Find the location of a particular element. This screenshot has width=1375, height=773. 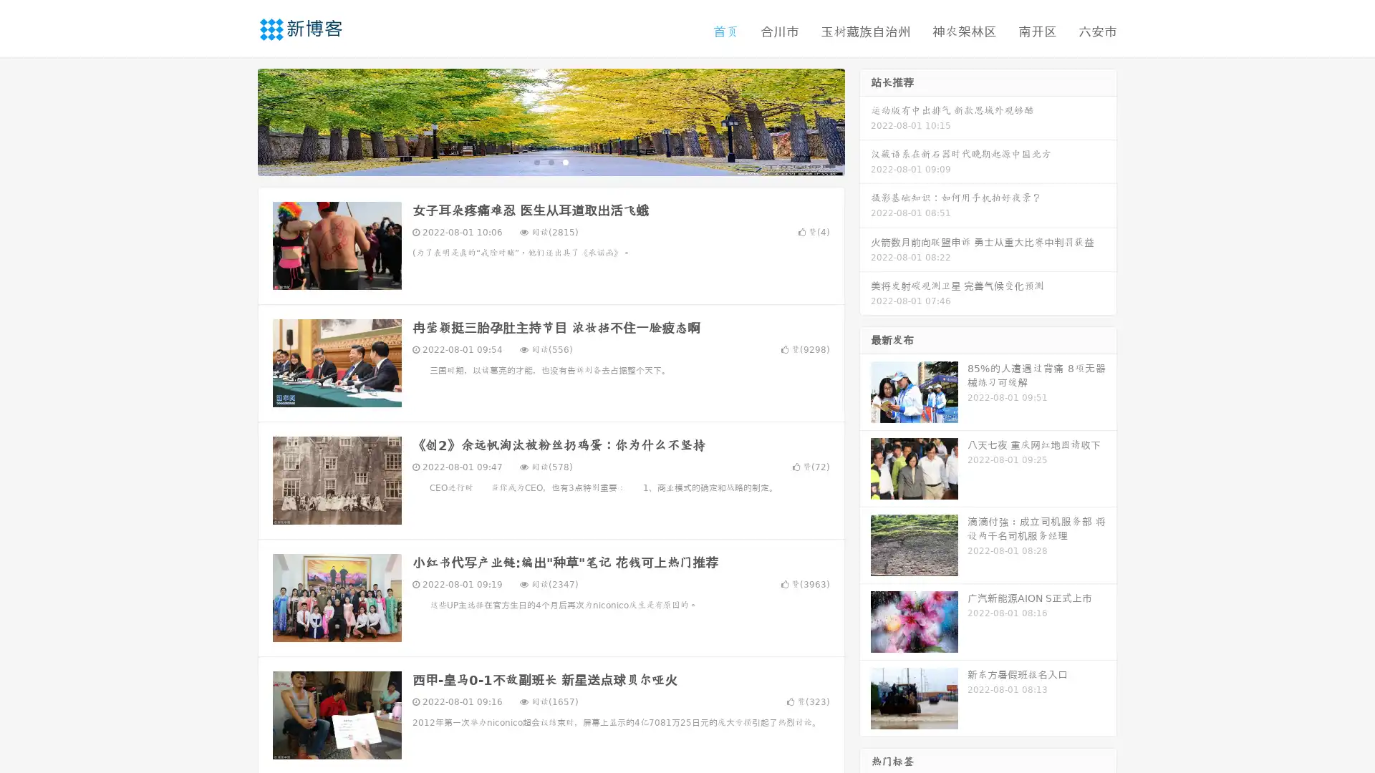

Previous slide is located at coordinates (236, 120).